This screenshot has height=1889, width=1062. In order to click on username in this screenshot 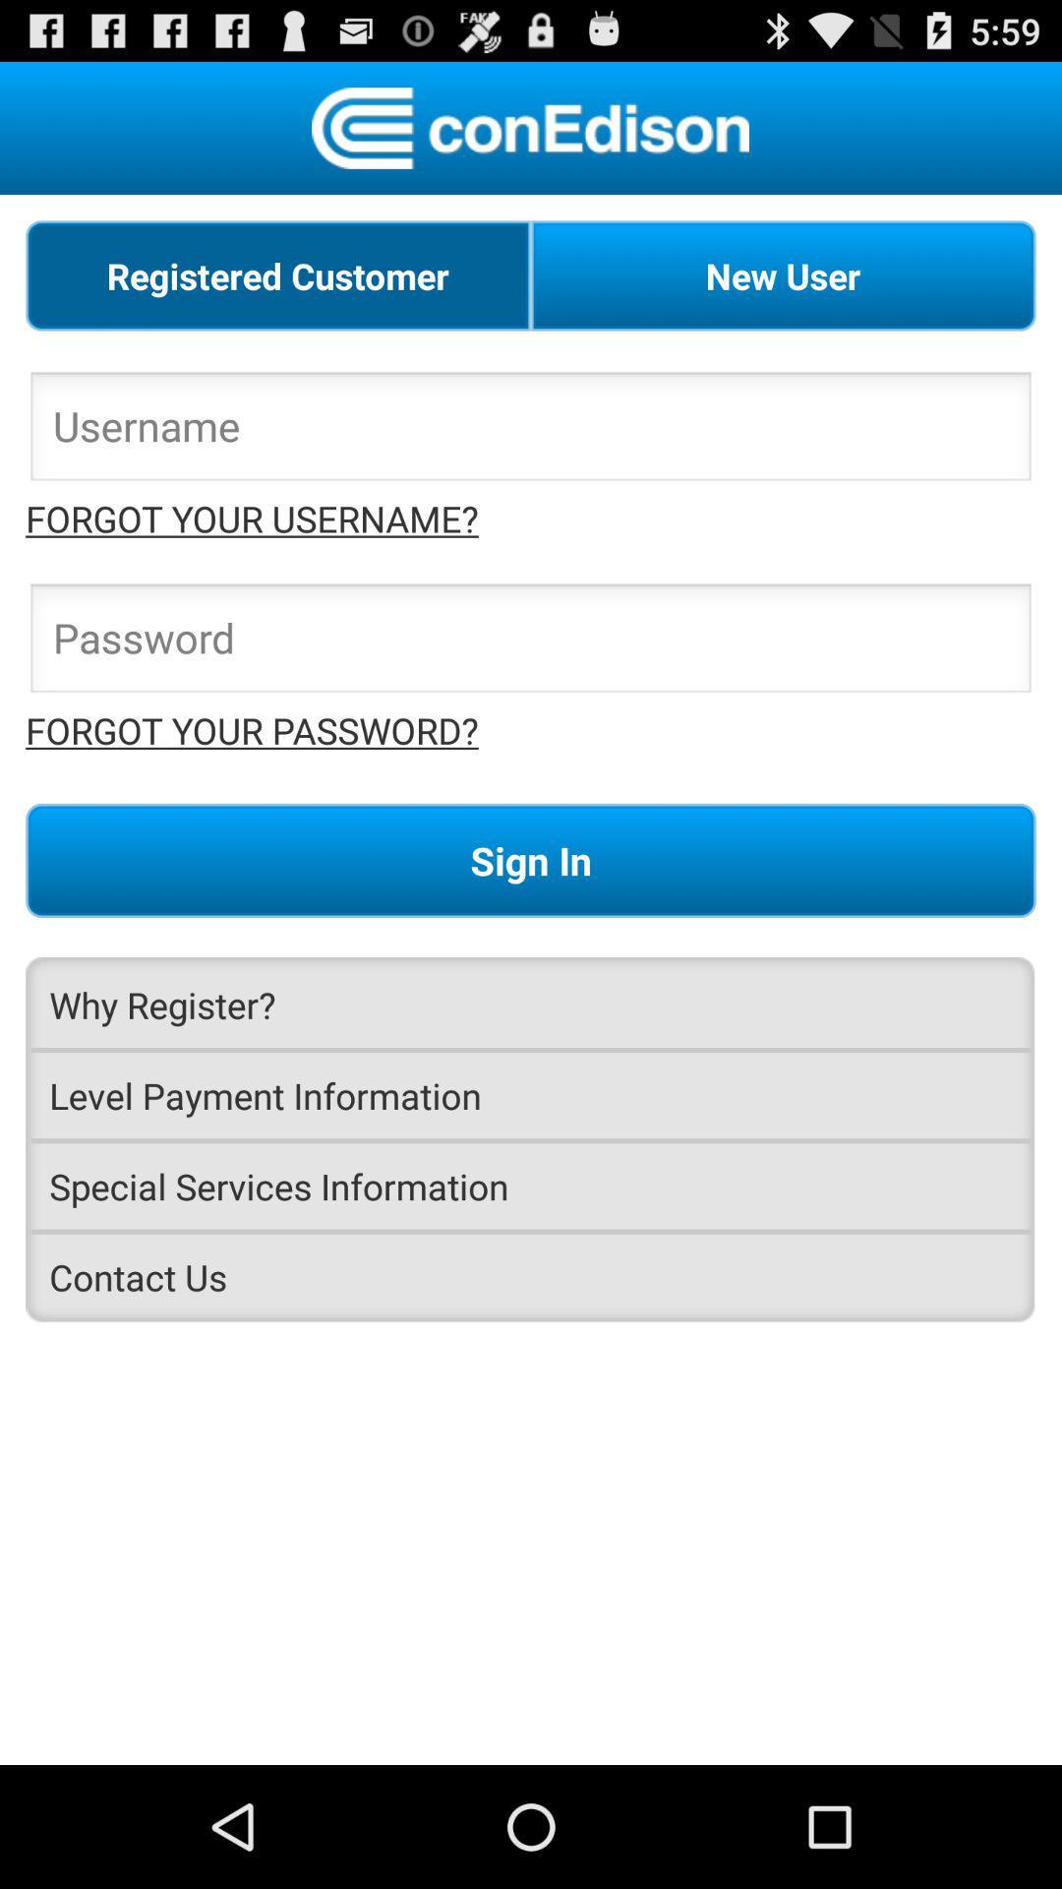, I will do `click(531, 431)`.